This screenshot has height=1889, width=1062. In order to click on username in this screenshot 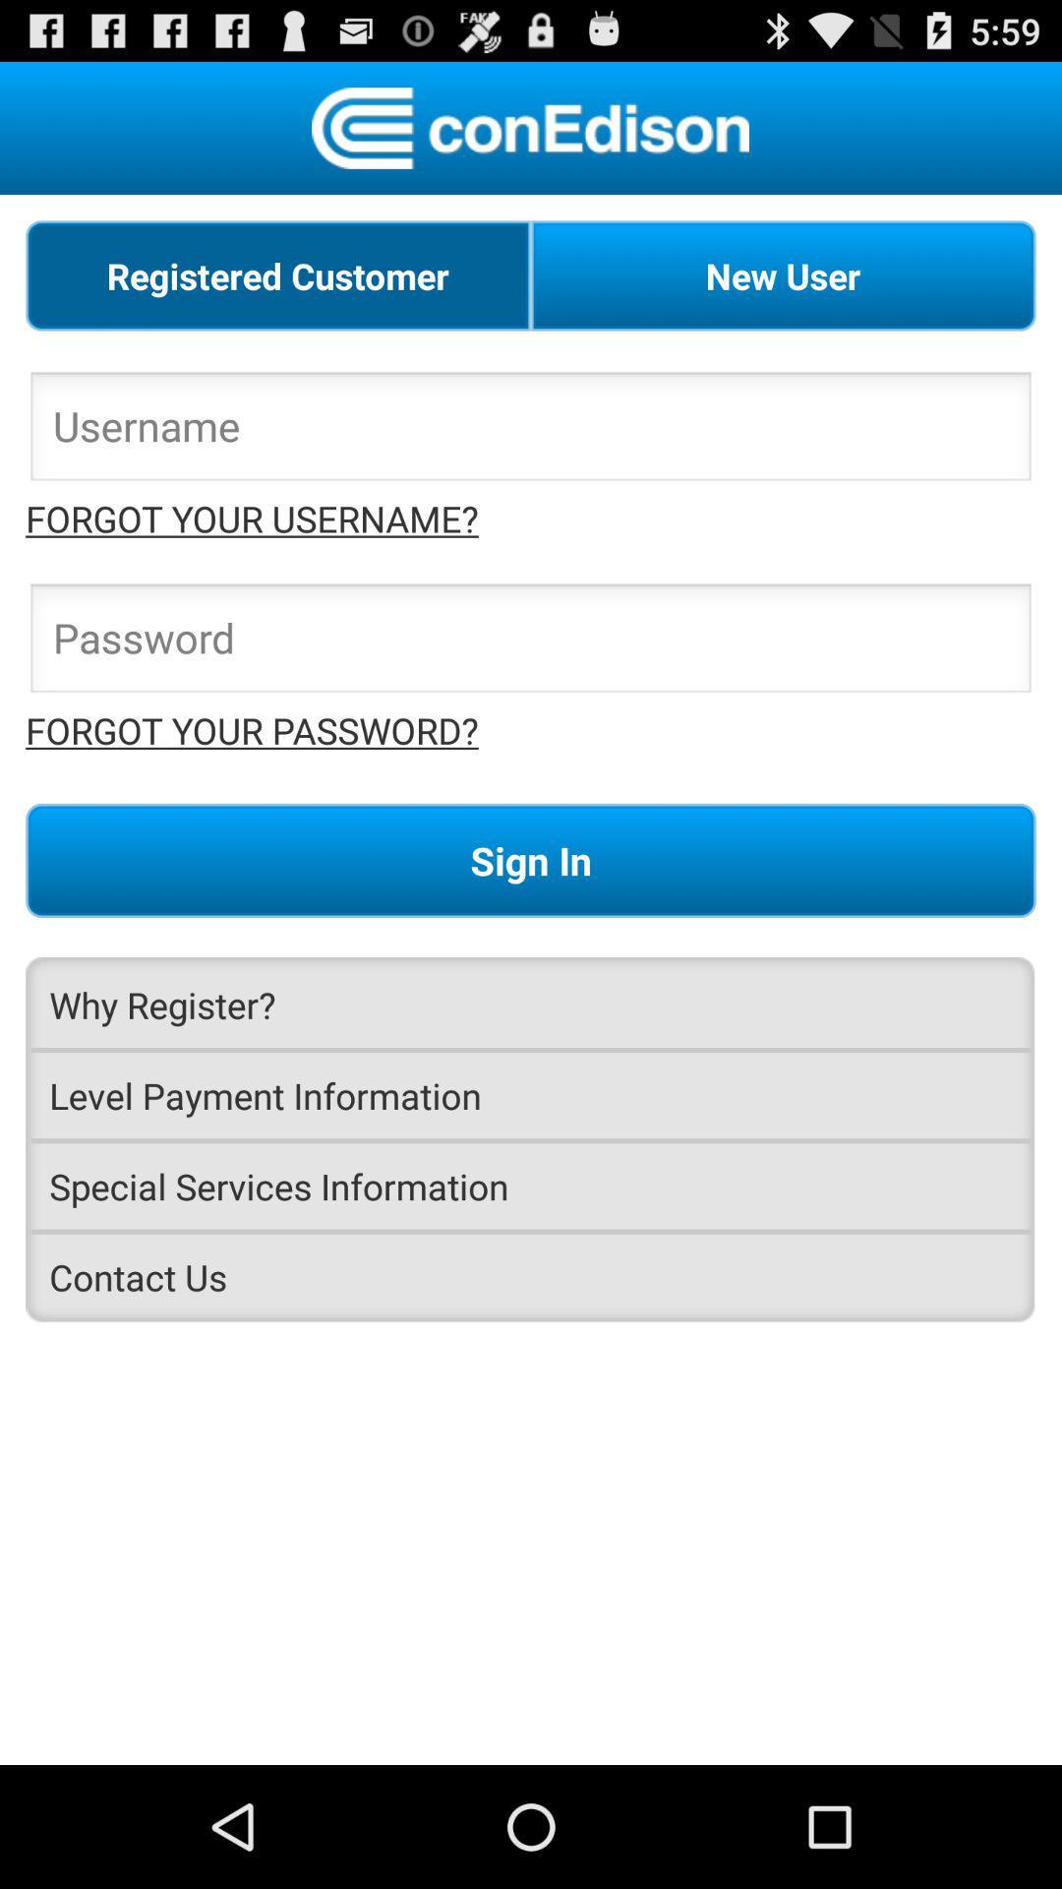, I will do `click(531, 431)`.